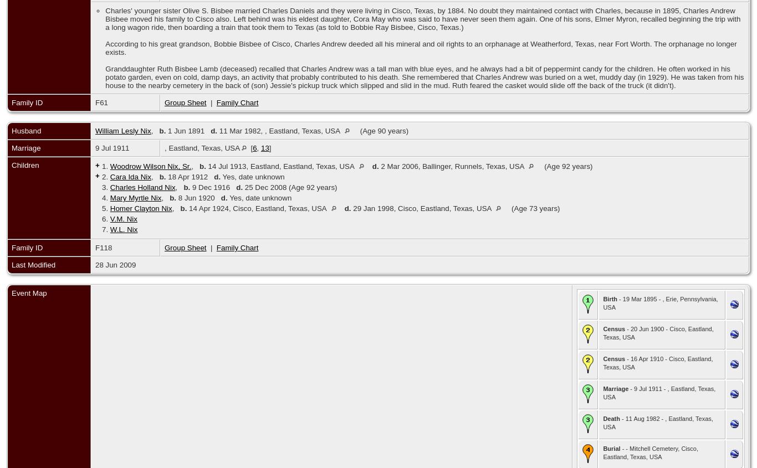 Image resolution: width=757 pixels, height=468 pixels. What do you see at coordinates (109, 229) in the screenshot?
I see `'W.L. Nix'` at bounding box center [109, 229].